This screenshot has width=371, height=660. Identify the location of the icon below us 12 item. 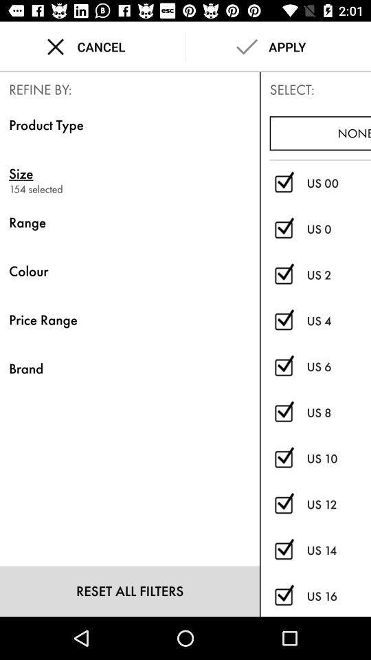
(338, 551).